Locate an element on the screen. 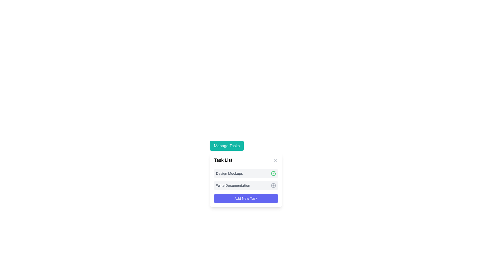  the icon indicating a completed task related to the 'Design Mockups' label, which is positioned to the right of the 'Design Mockups' text is located at coordinates (273, 173).